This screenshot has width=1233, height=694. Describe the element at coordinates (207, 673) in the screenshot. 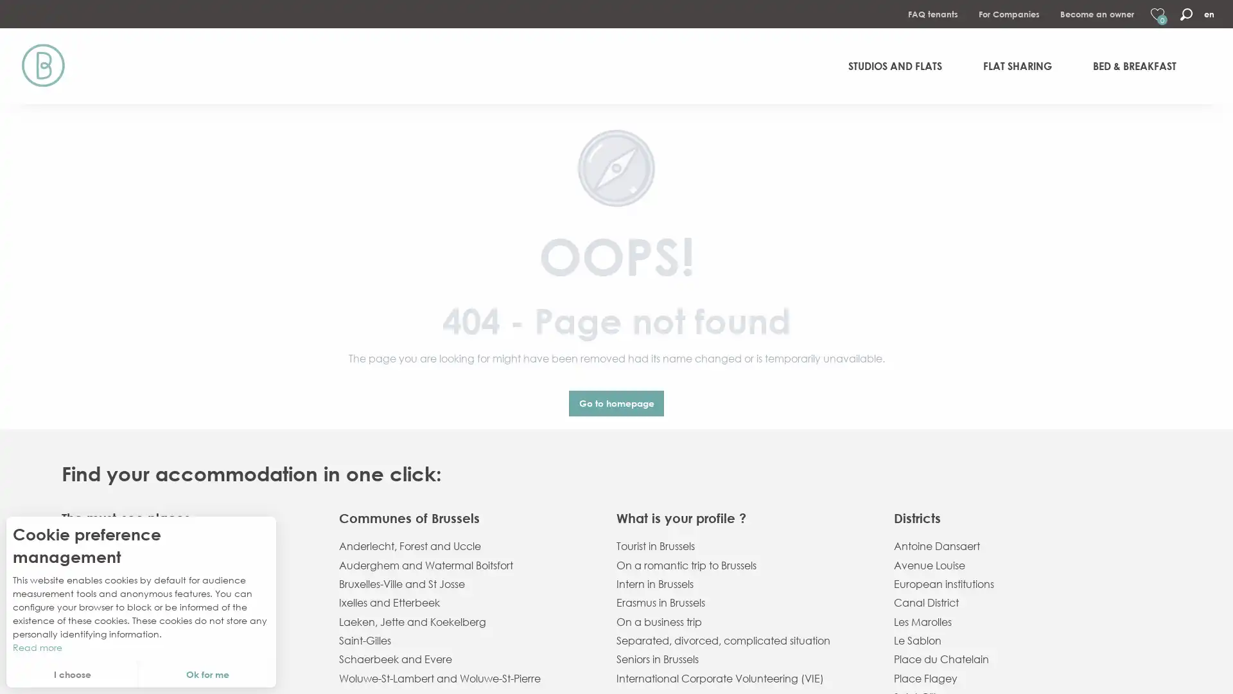

I see `allow cookies` at that location.